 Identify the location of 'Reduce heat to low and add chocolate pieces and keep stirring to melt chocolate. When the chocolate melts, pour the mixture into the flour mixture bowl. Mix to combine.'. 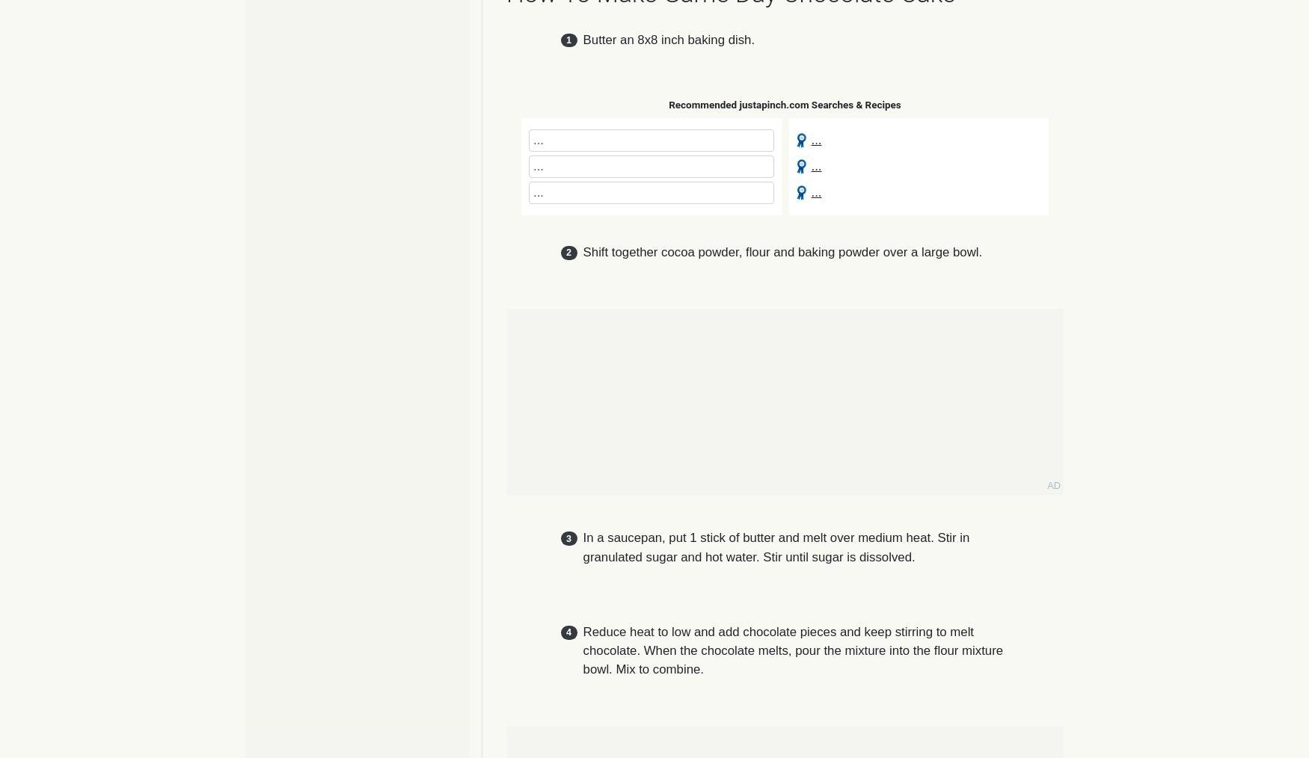
(791, 650).